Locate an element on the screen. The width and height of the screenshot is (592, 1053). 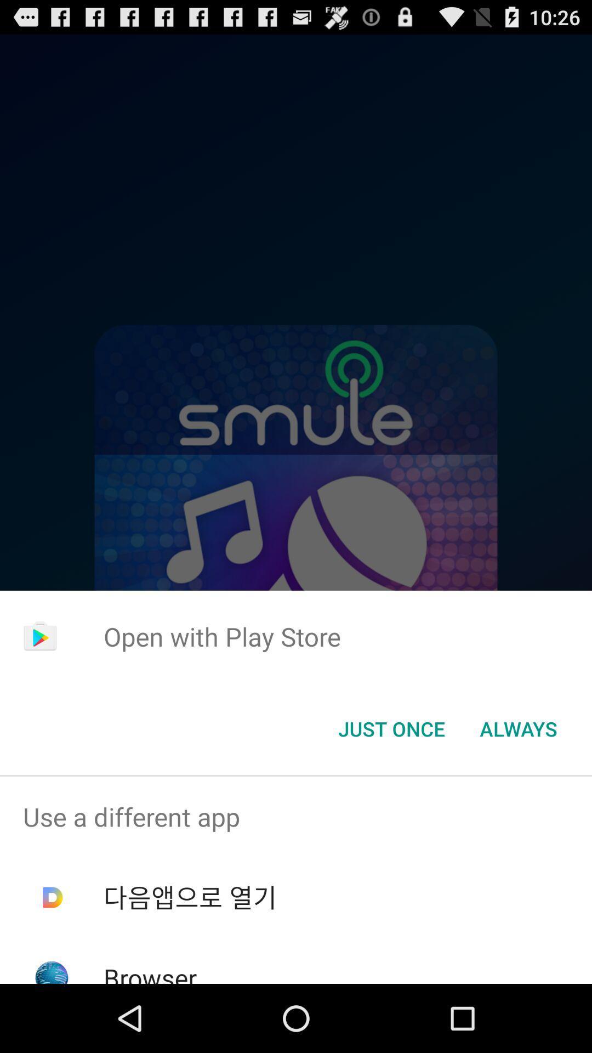
just once item is located at coordinates (391, 729).